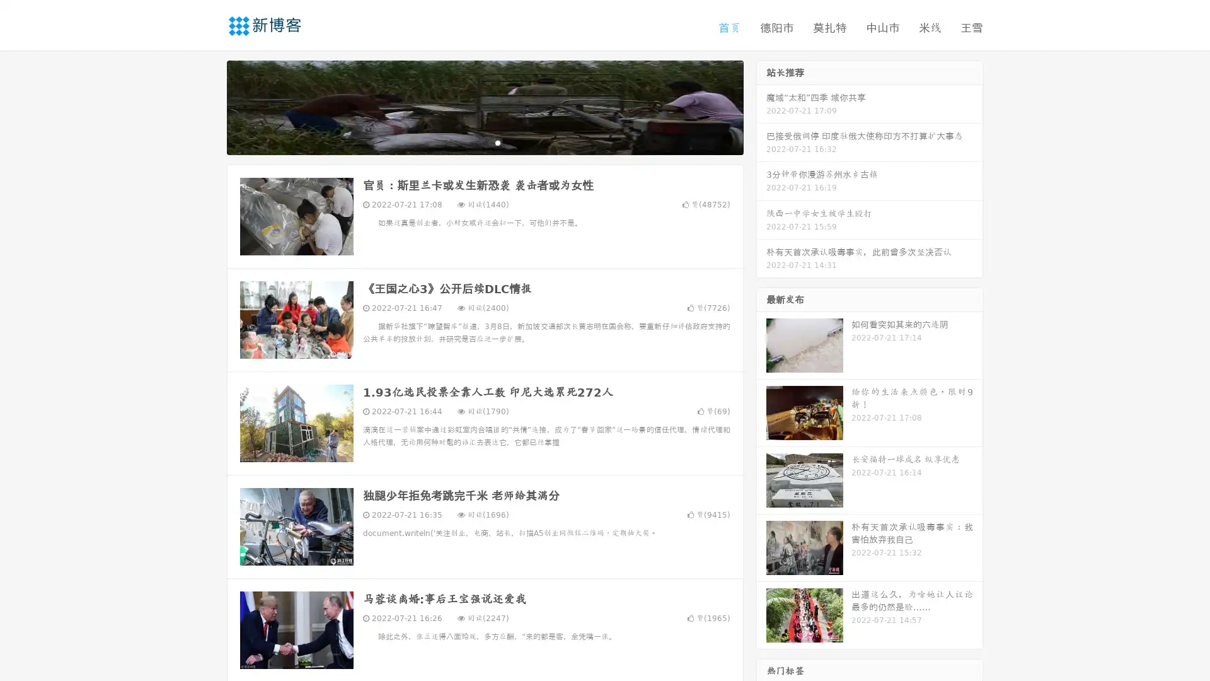 Image resolution: width=1210 pixels, height=681 pixels. I want to click on Go to slide 2, so click(484, 142).